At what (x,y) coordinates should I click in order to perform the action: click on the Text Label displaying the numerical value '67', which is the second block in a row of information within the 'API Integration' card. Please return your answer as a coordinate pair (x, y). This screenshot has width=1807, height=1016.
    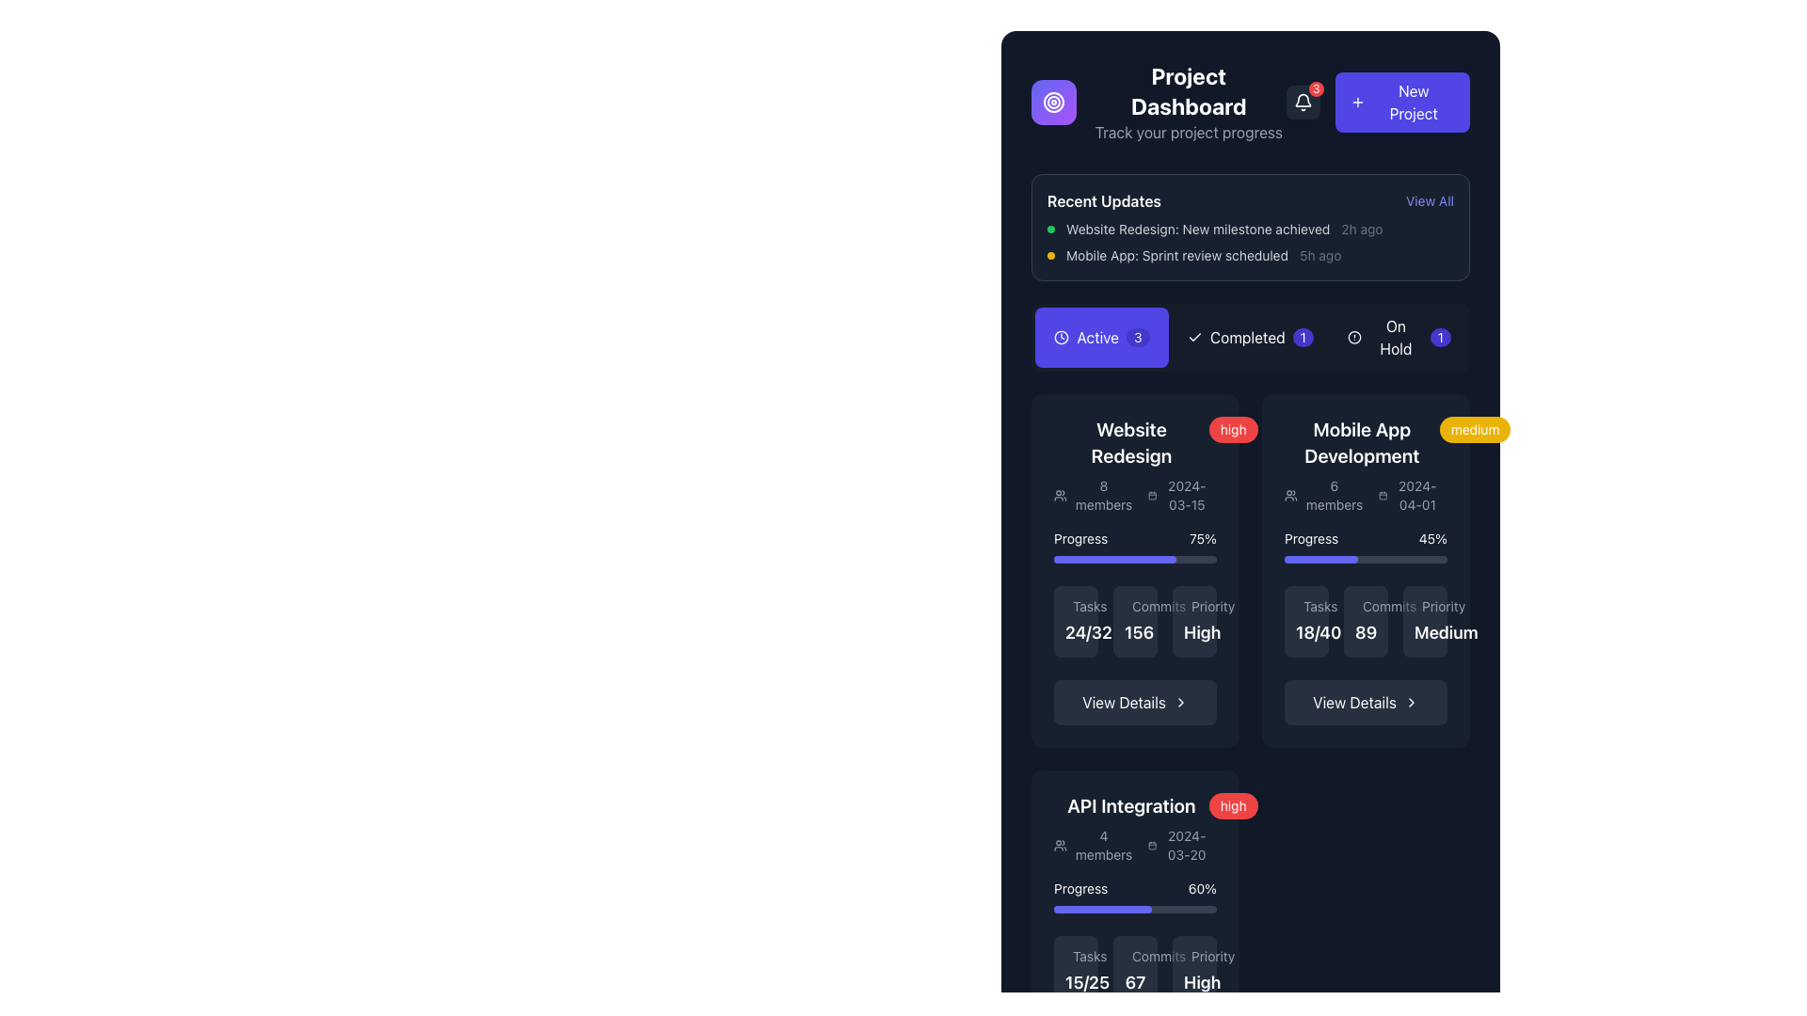
    Looking at the image, I should click on (1134, 972).